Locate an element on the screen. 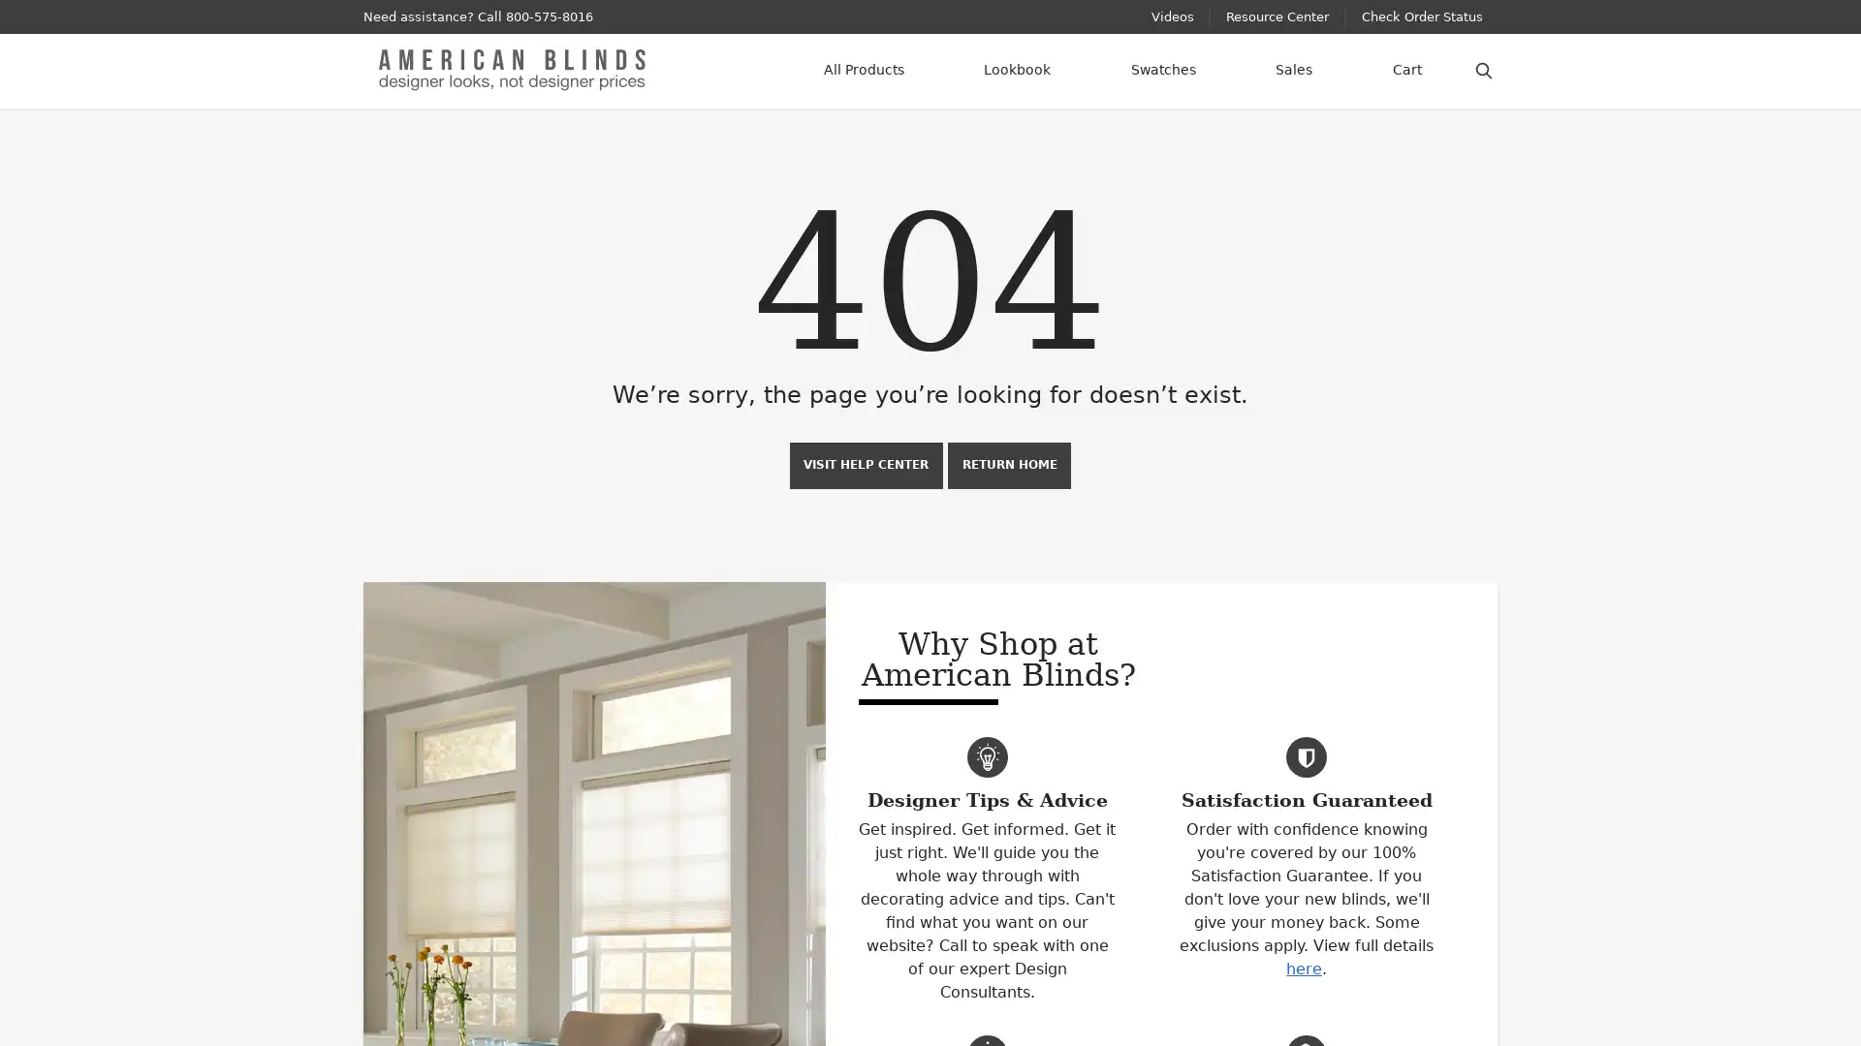 The width and height of the screenshot is (1861, 1046). Search is located at coordinates (1483, 67).